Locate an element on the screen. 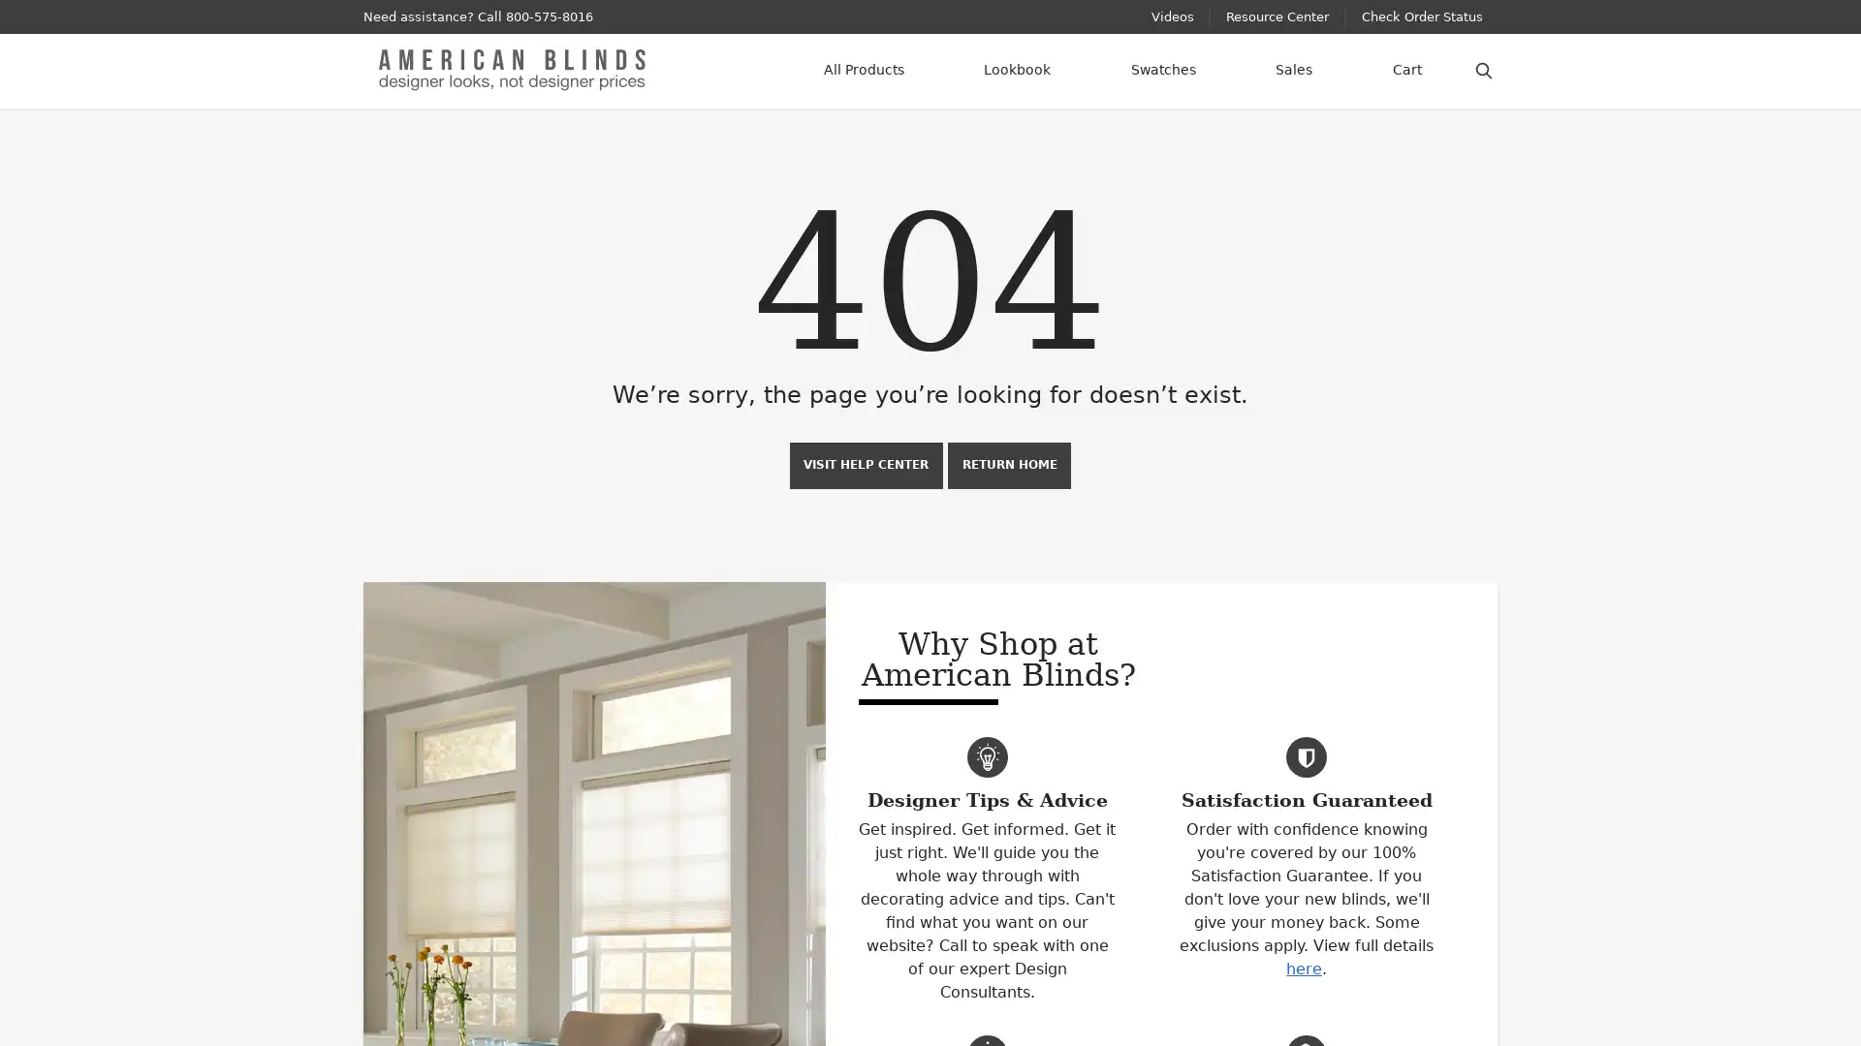 The width and height of the screenshot is (1861, 1046). Search is located at coordinates (1483, 67).